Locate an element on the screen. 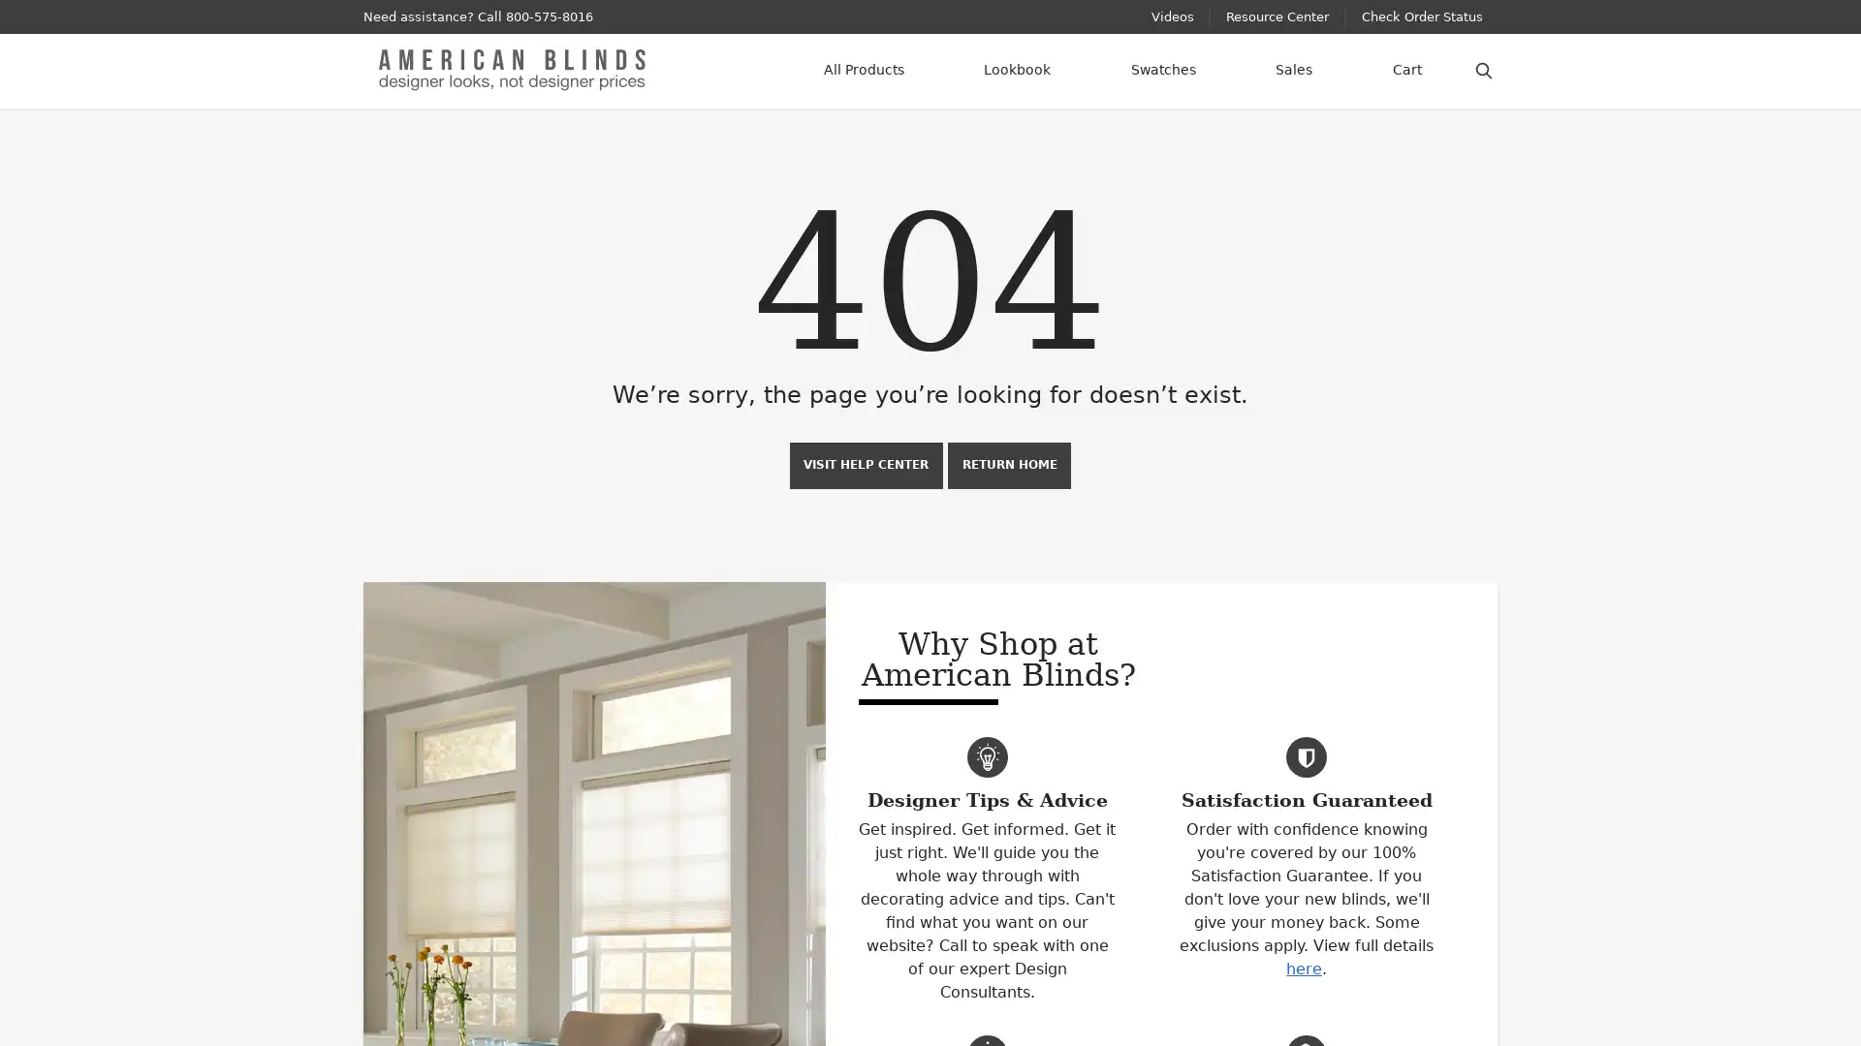 The width and height of the screenshot is (1861, 1046). Search is located at coordinates (1483, 67).